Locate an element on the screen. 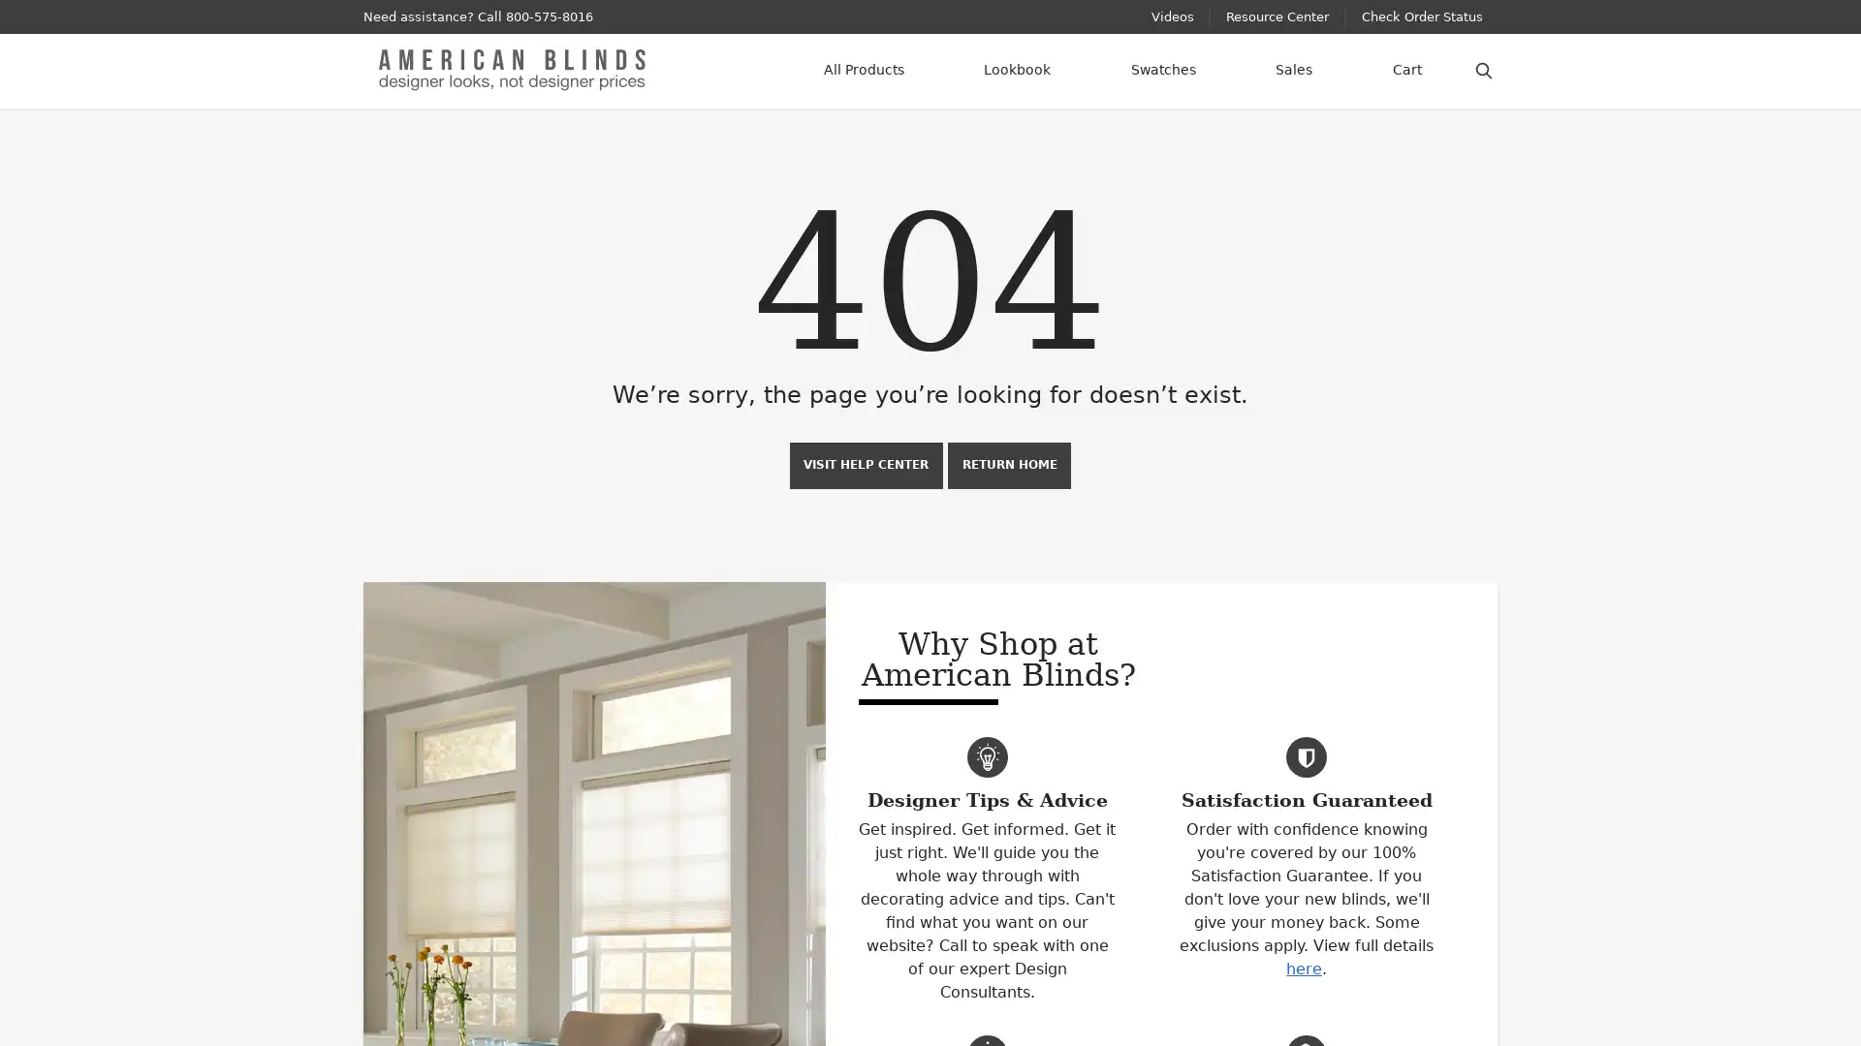 The width and height of the screenshot is (1861, 1046). Search is located at coordinates (1483, 67).